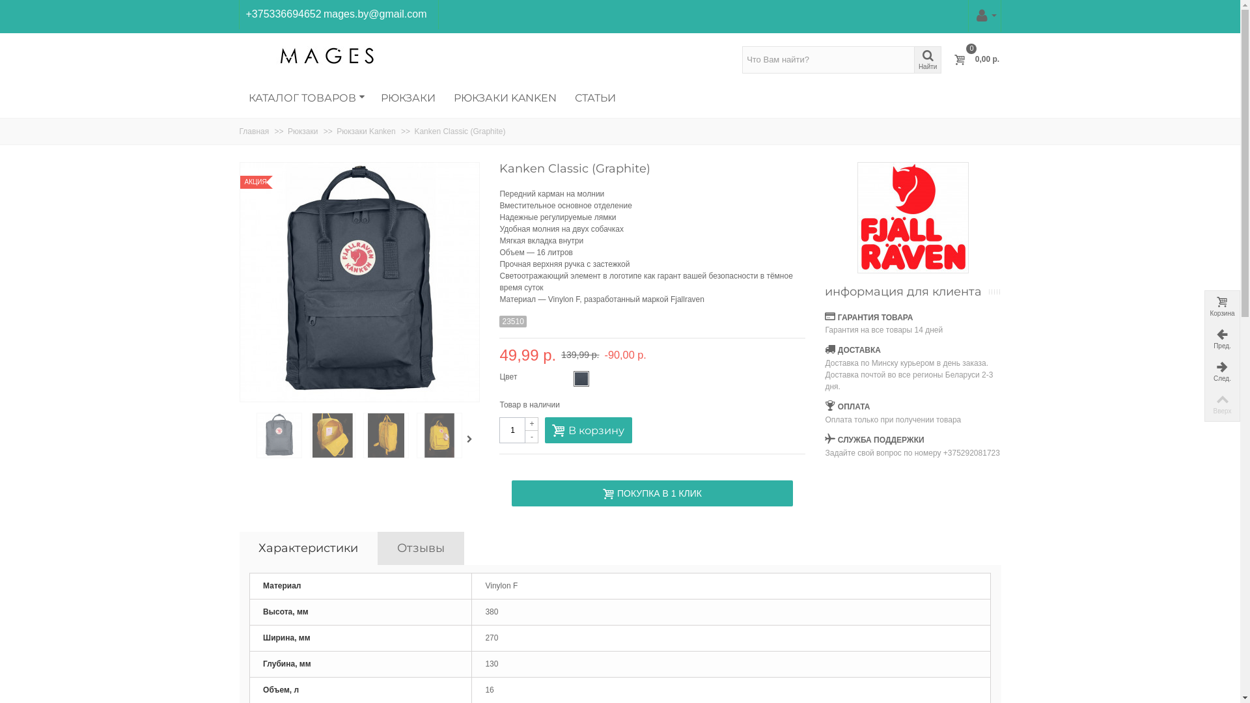 This screenshot has width=1250, height=703. What do you see at coordinates (580, 379) in the screenshot?
I see `'Graphite'` at bounding box center [580, 379].